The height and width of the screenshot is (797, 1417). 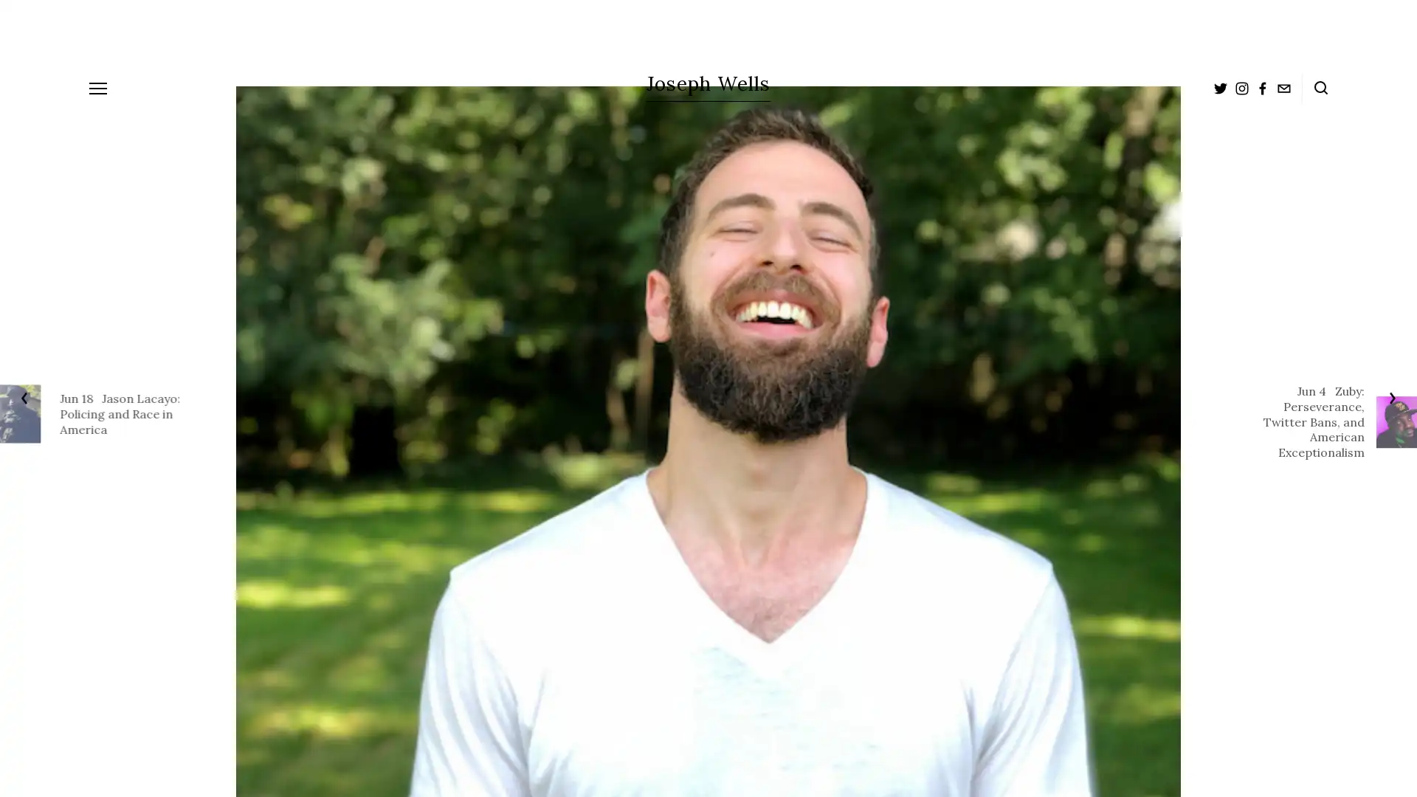 What do you see at coordinates (919, 272) in the screenshot?
I see `Close` at bounding box center [919, 272].